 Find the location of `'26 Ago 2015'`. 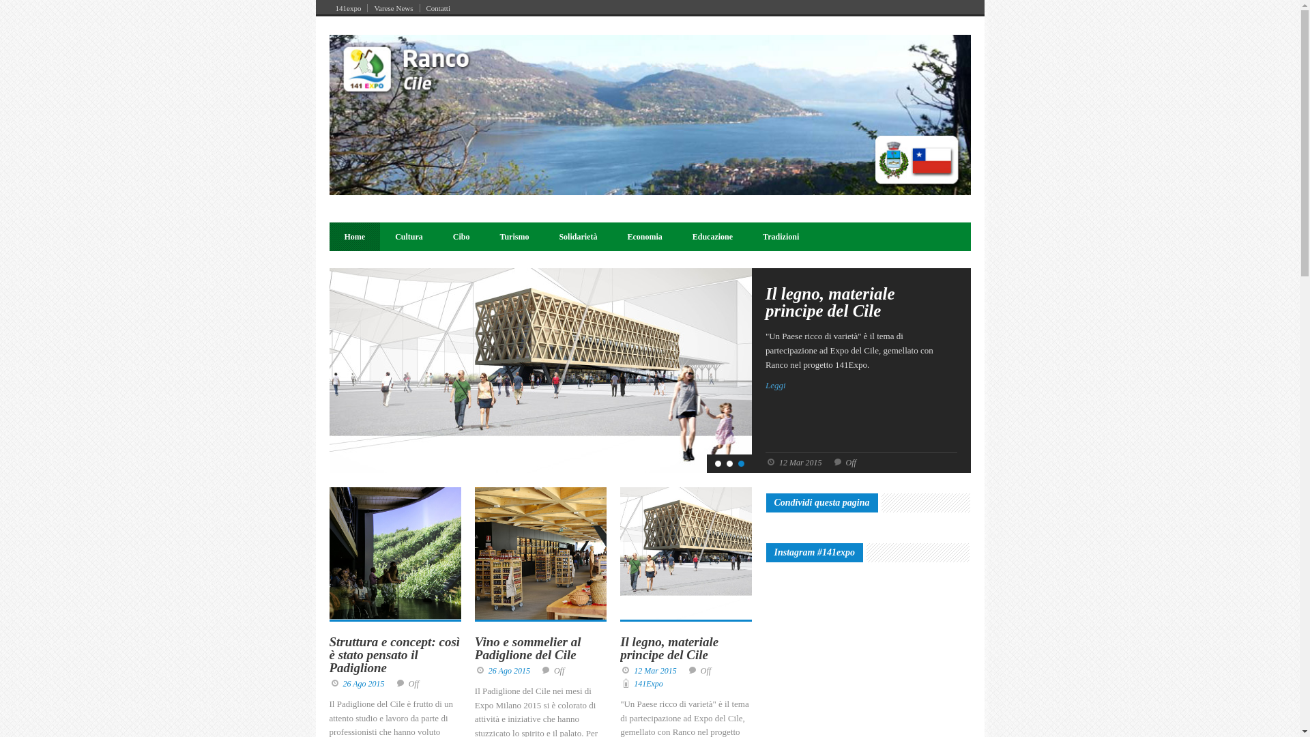

'26 Ago 2015' is located at coordinates (508, 670).